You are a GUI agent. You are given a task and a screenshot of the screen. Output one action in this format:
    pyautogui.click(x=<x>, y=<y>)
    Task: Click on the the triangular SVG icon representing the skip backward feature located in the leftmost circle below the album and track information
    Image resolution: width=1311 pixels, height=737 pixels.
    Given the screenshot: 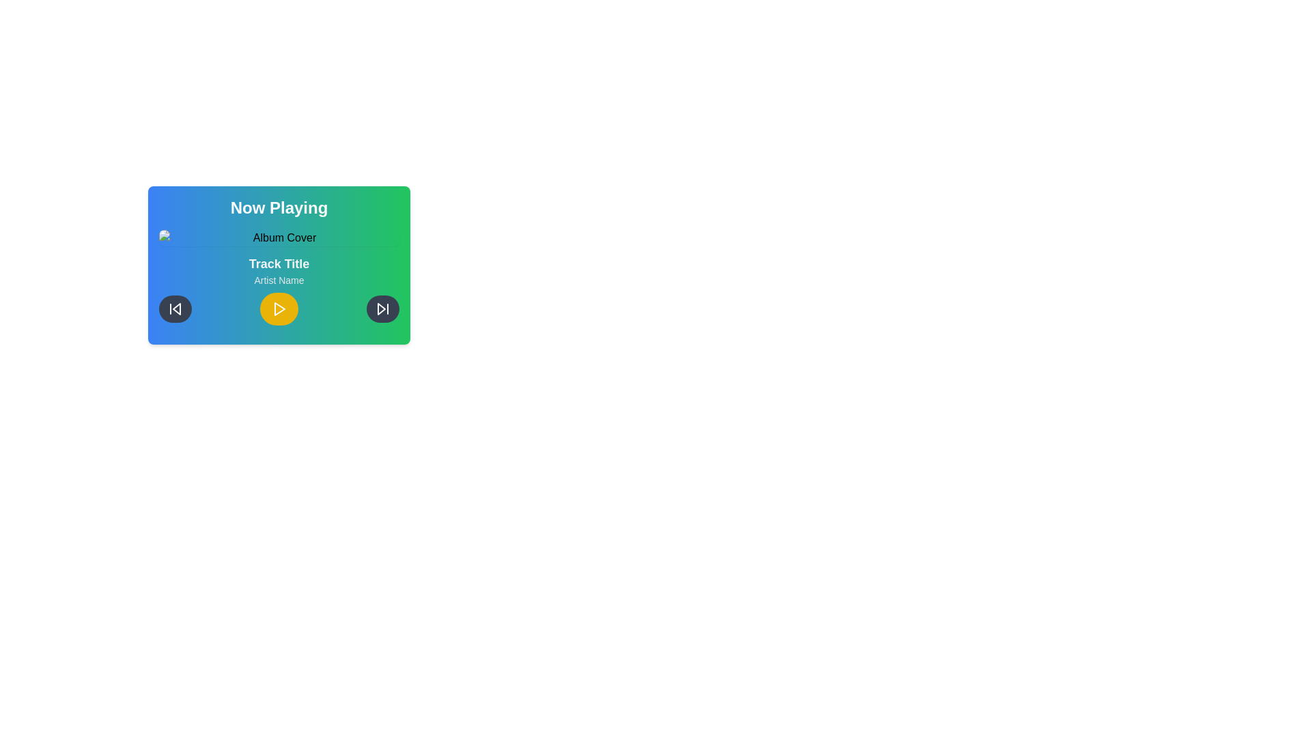 What is the action you would take?
    pyautogui.click(x=176, y=308)
    